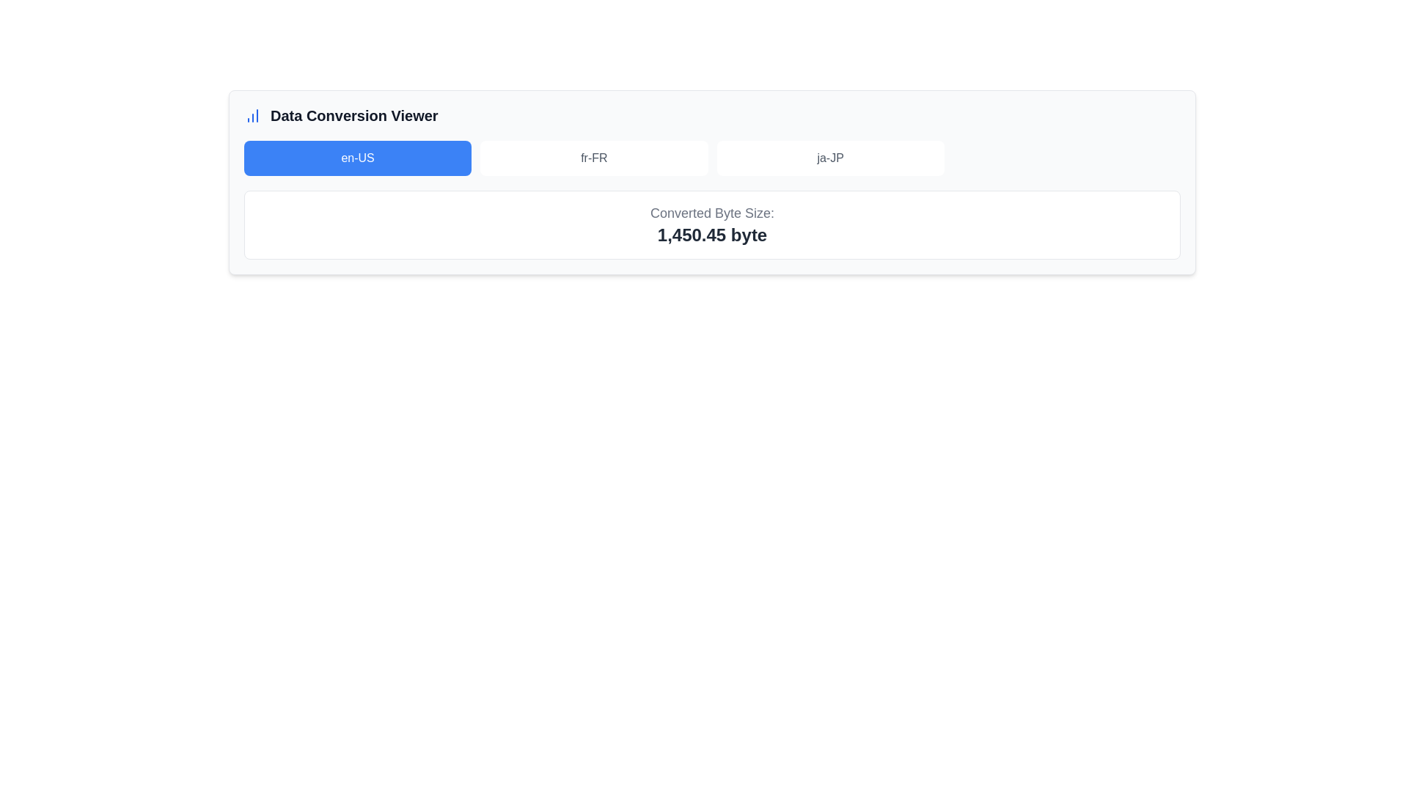  What do you see at coordinates (358, 158) in the screenshot?
I see `the language selection button for 'en-US' located at the top left of the language options` at bounding box center [358, 158].